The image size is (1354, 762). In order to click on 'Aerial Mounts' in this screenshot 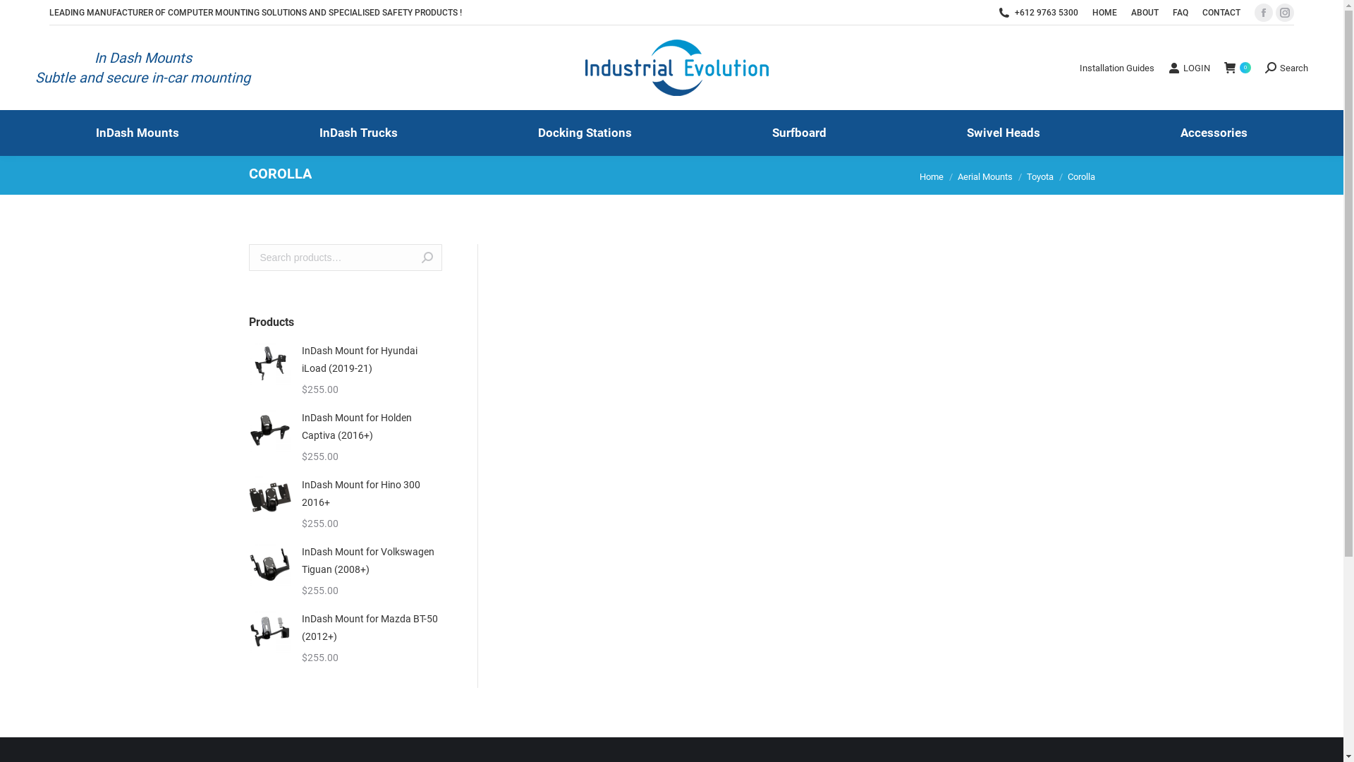, I will do `click(984, 175)`.